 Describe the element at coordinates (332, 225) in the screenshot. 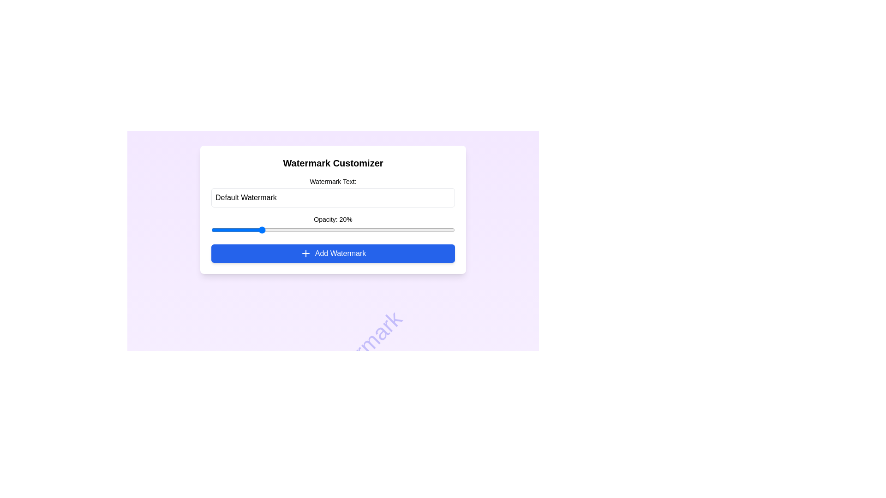

I see `the label displaying 'Opacity: 20%' of the slider to read the text` at that location.